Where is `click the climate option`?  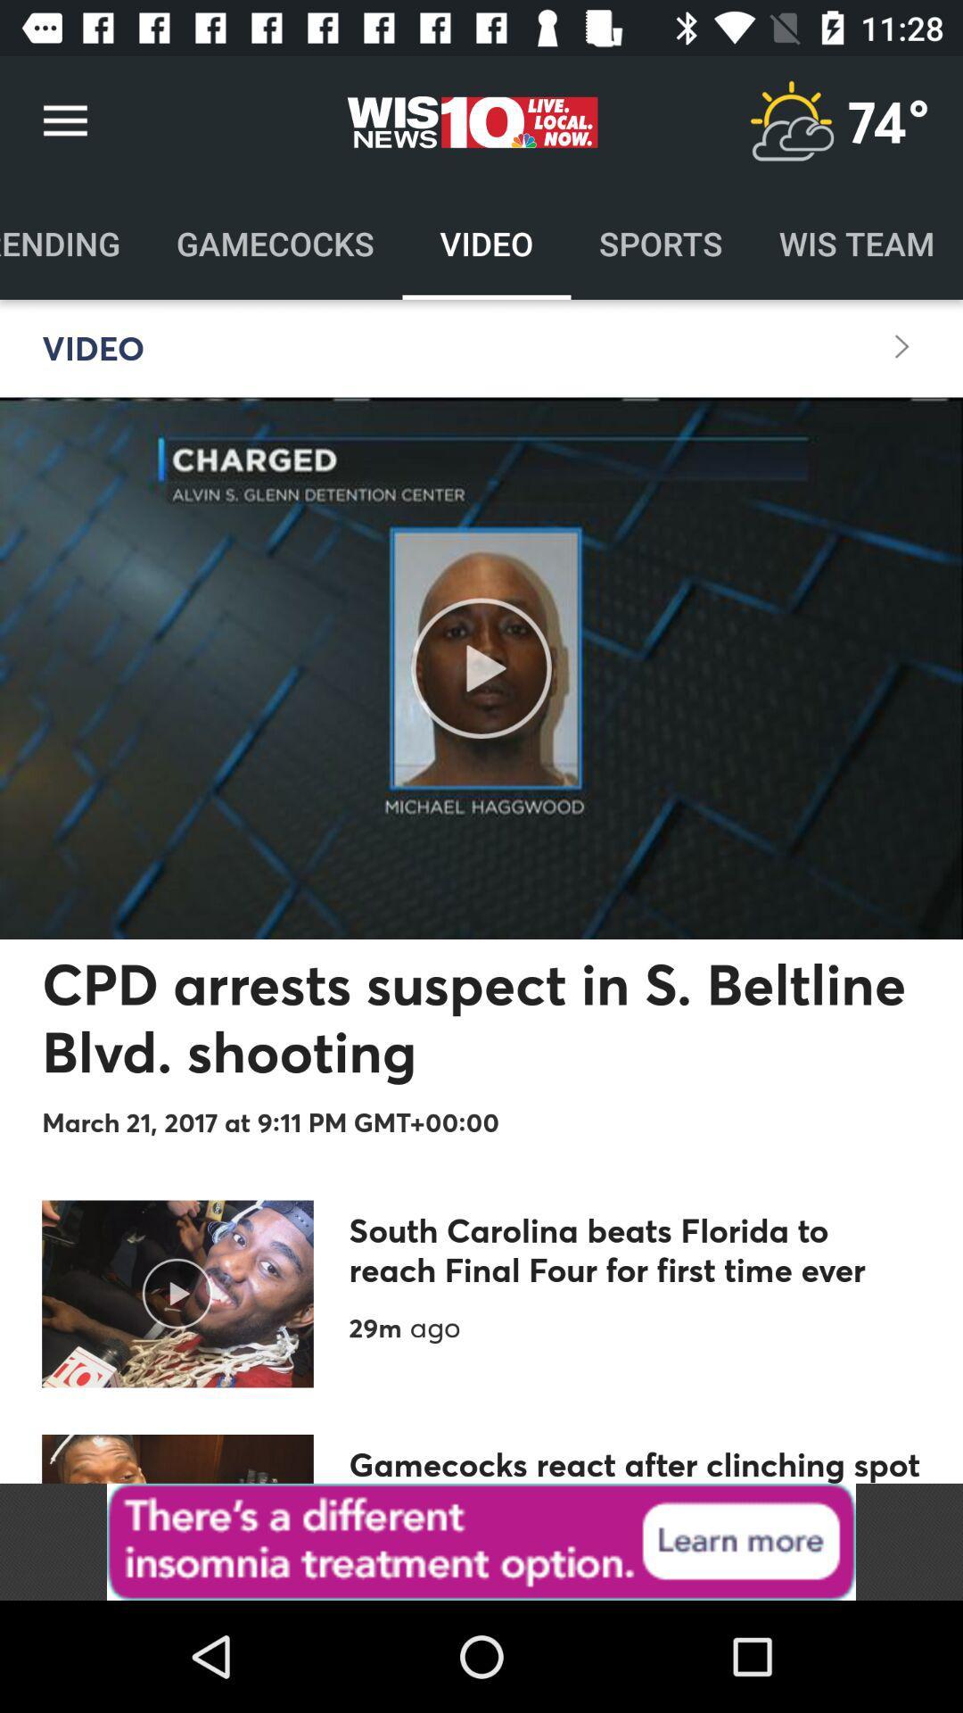 click the climate option is located at coordinates (790, 120).